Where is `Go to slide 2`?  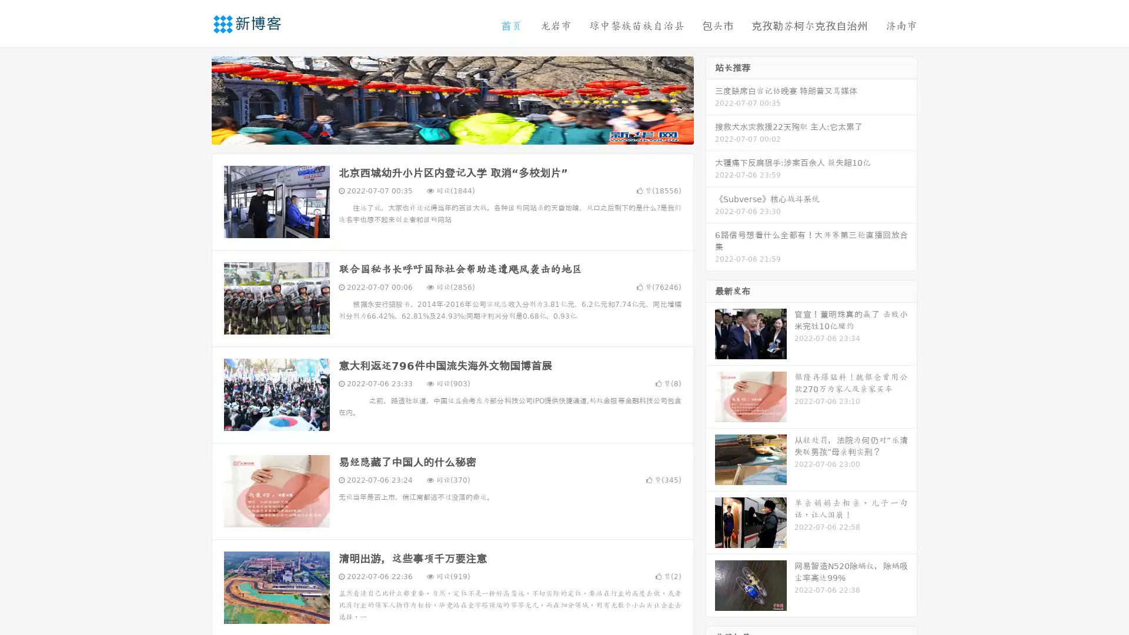
Go to slide 2 is located at coordinates (452, 132).